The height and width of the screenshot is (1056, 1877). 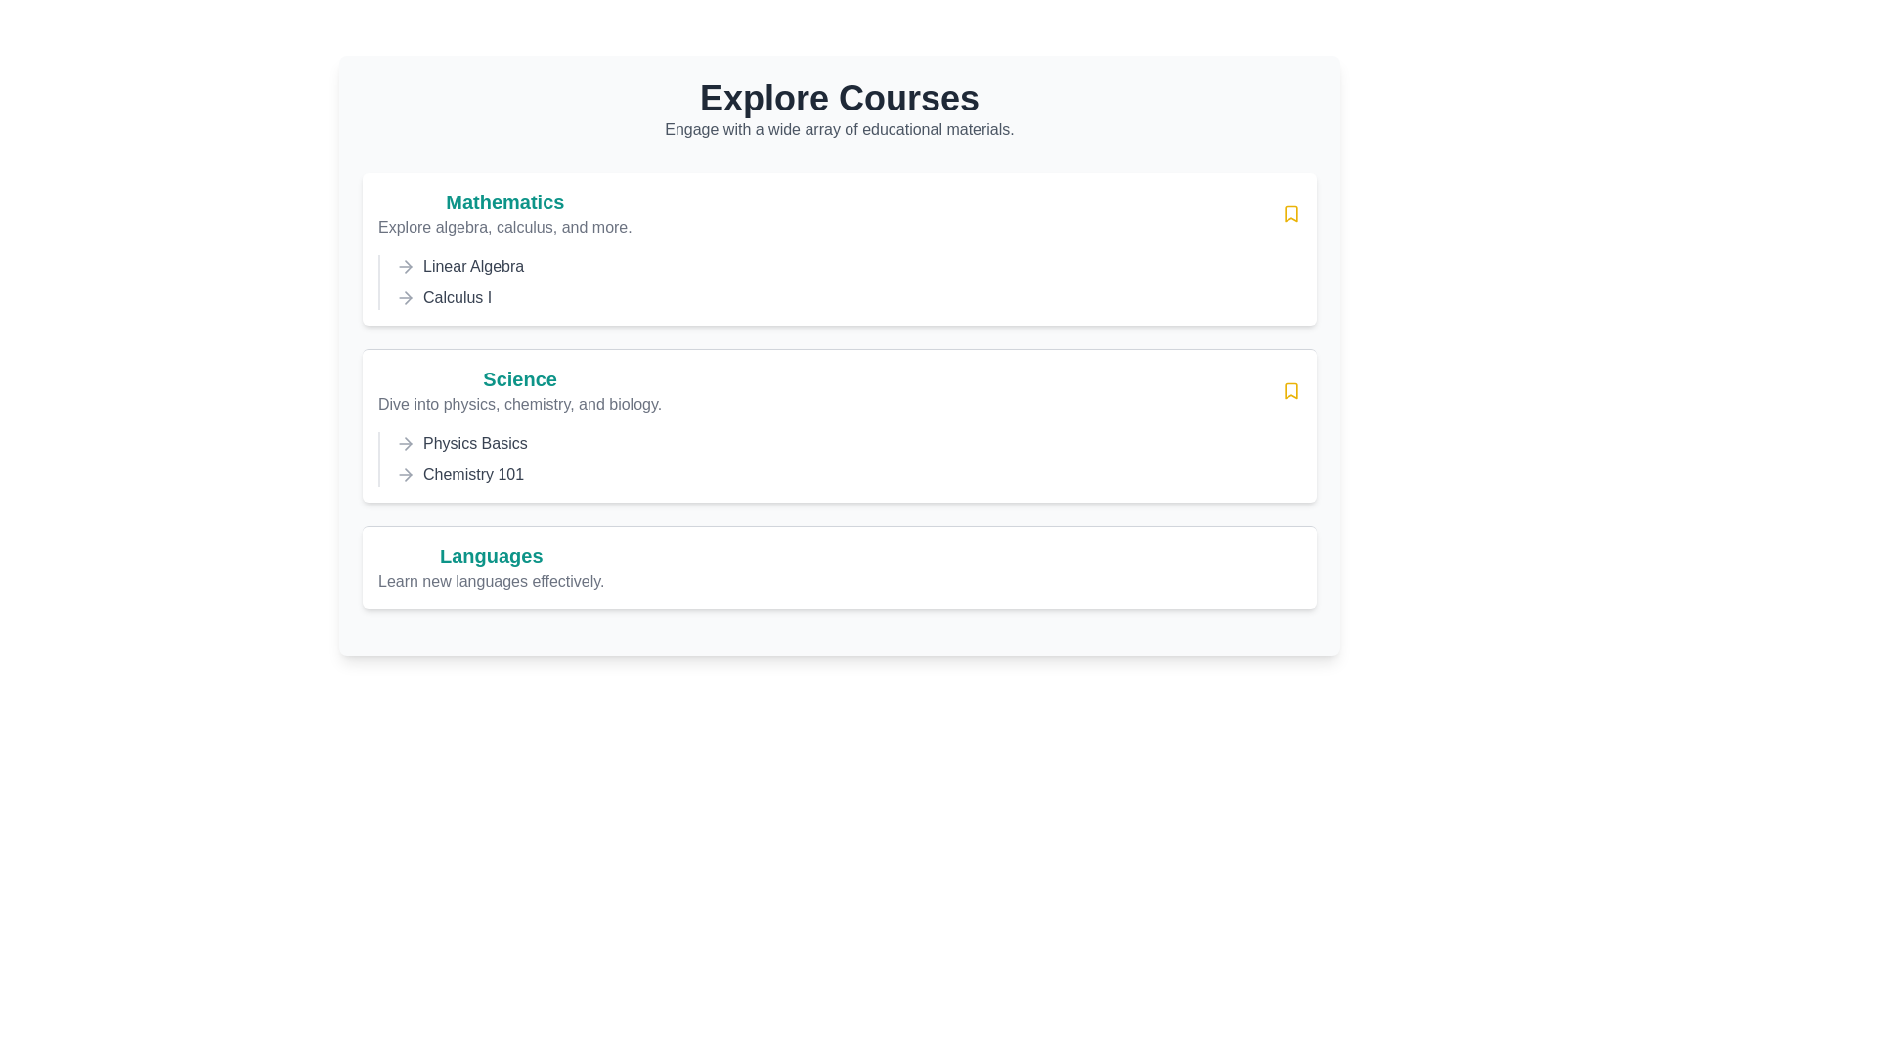 I want to click on the 'Science' text label, which is styled in a bold teal font and located at the top of the Science section, so click(x=520, y=379).